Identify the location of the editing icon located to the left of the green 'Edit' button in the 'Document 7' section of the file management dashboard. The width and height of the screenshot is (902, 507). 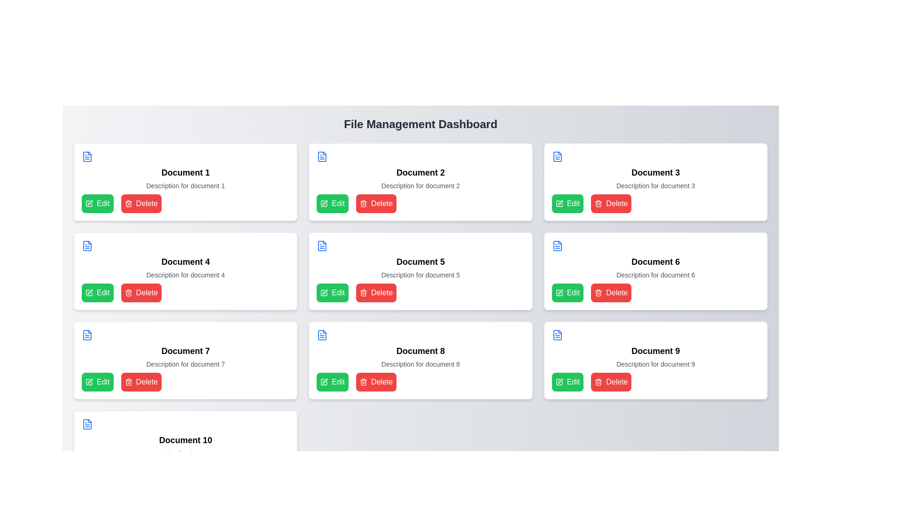
(90, 381).